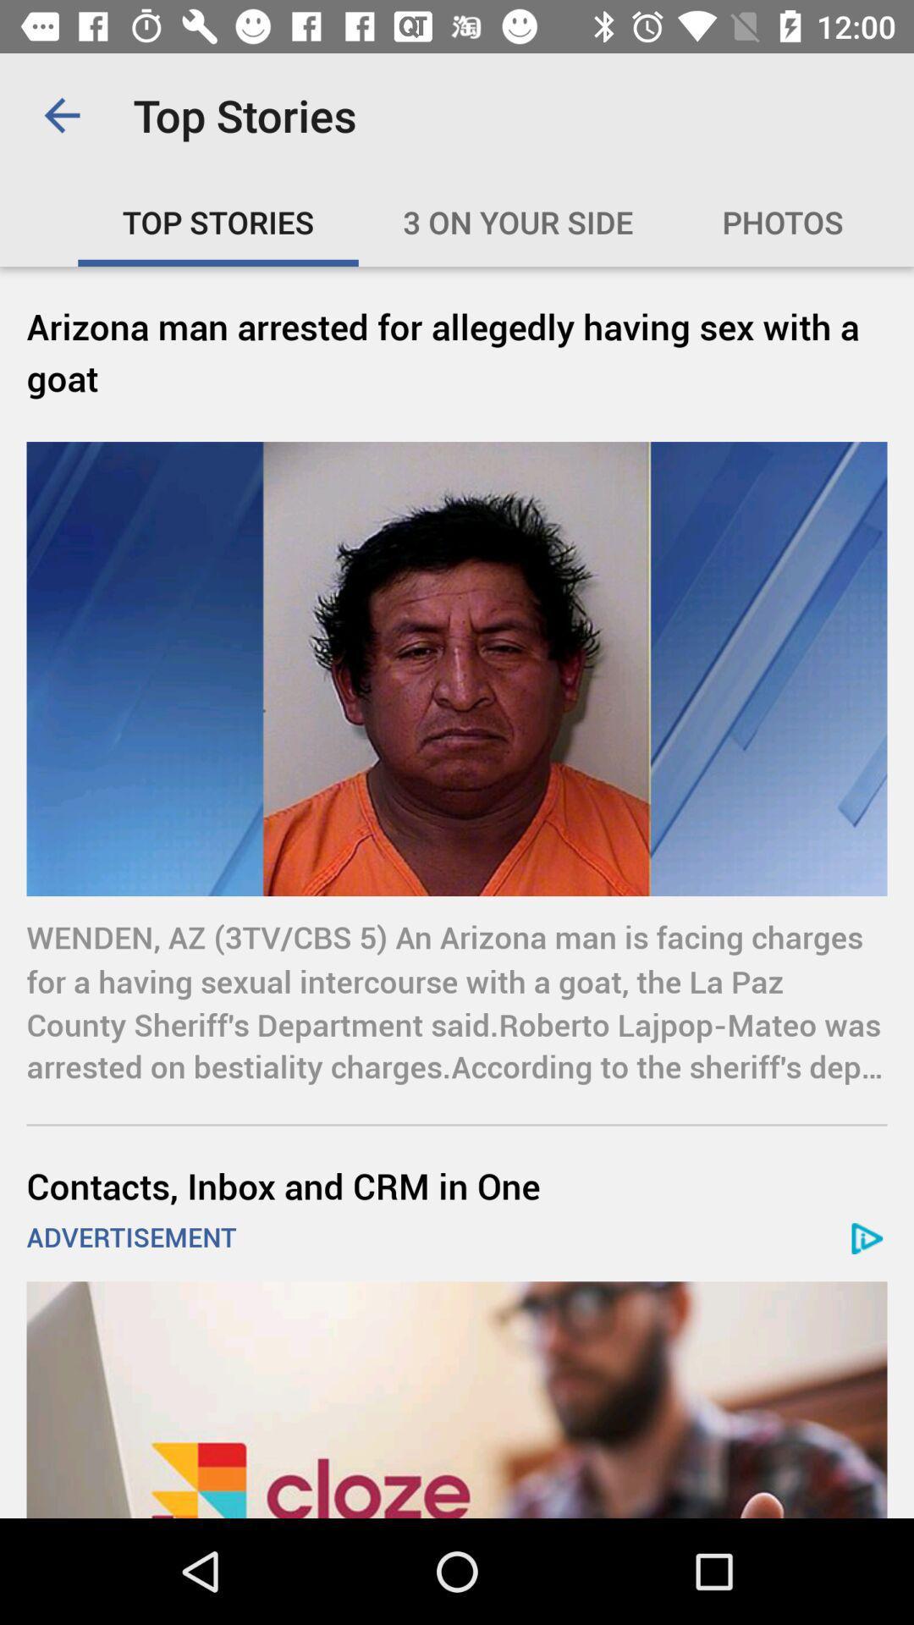 The image size is (914, 1625). Describe the element at coordinates (457, 1400) in the screenshot. I see `open advertisement link` at that location.